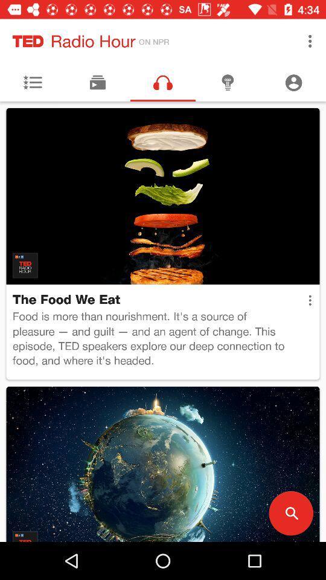 This screenshot has height=580, width=326. What do you see at coordinates (290, 512) in the screenshot?
I see `item below food is more` at bounding box center [290, 512].